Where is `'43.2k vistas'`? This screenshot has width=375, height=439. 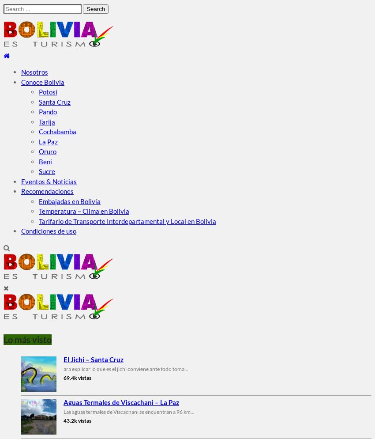
'43.2k vistas' is located at coordinates (77, 420).